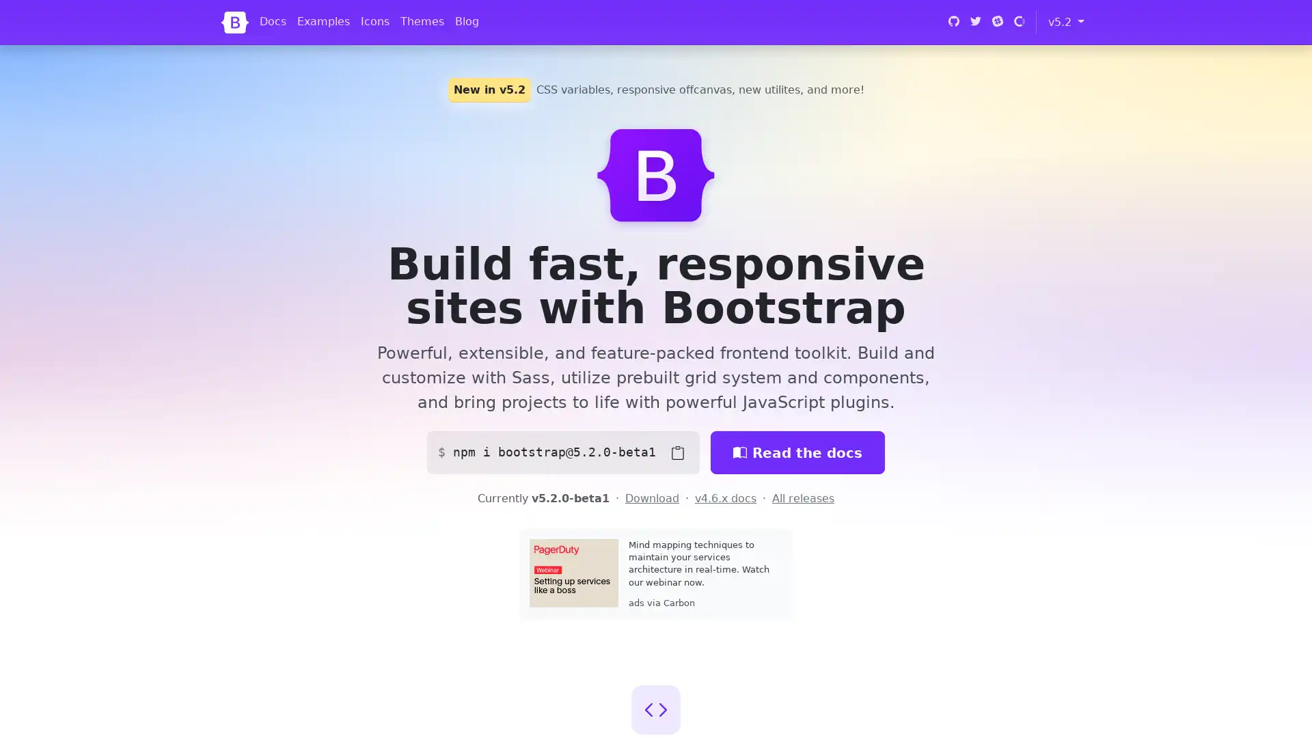  I want to click on v5.2, so click(1065, 23).